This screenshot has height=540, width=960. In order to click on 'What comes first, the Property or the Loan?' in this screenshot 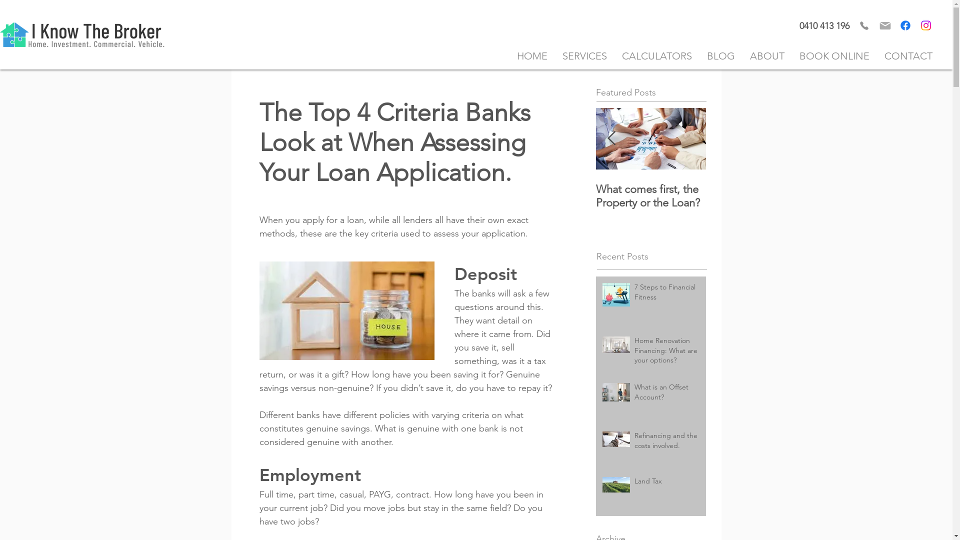, I will do `click(650, 196)`.